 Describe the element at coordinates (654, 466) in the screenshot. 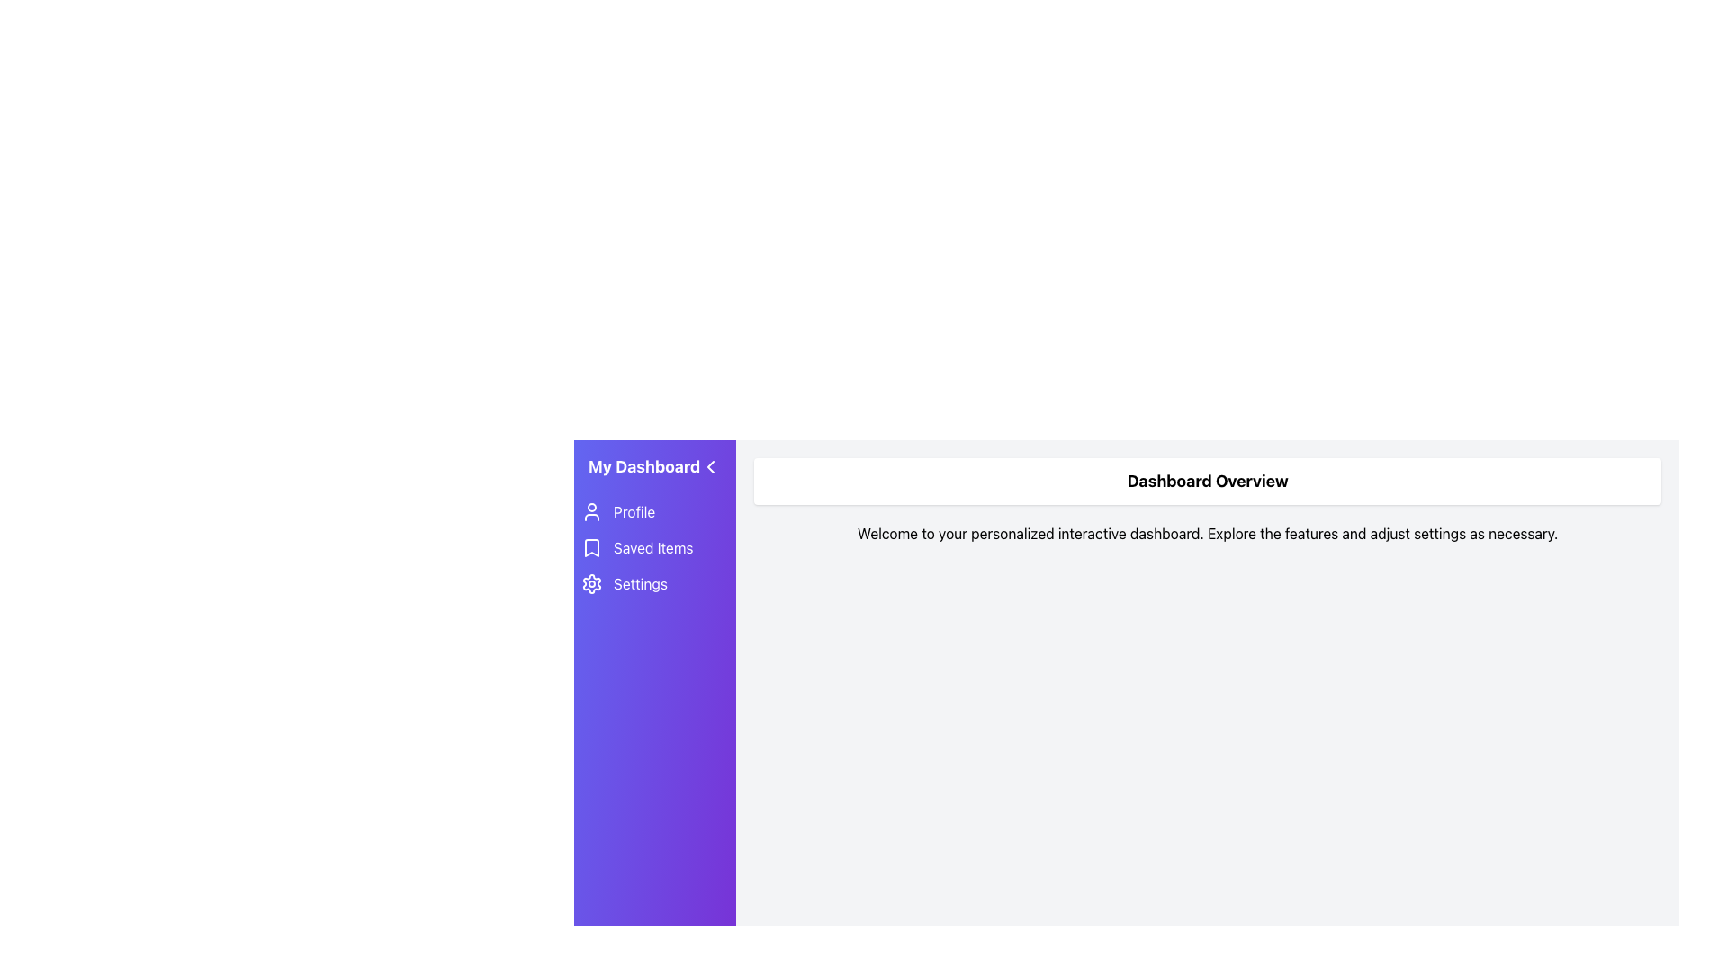

I see `the left arrow icon in the 'My Dashboard' navigation header` at that location.